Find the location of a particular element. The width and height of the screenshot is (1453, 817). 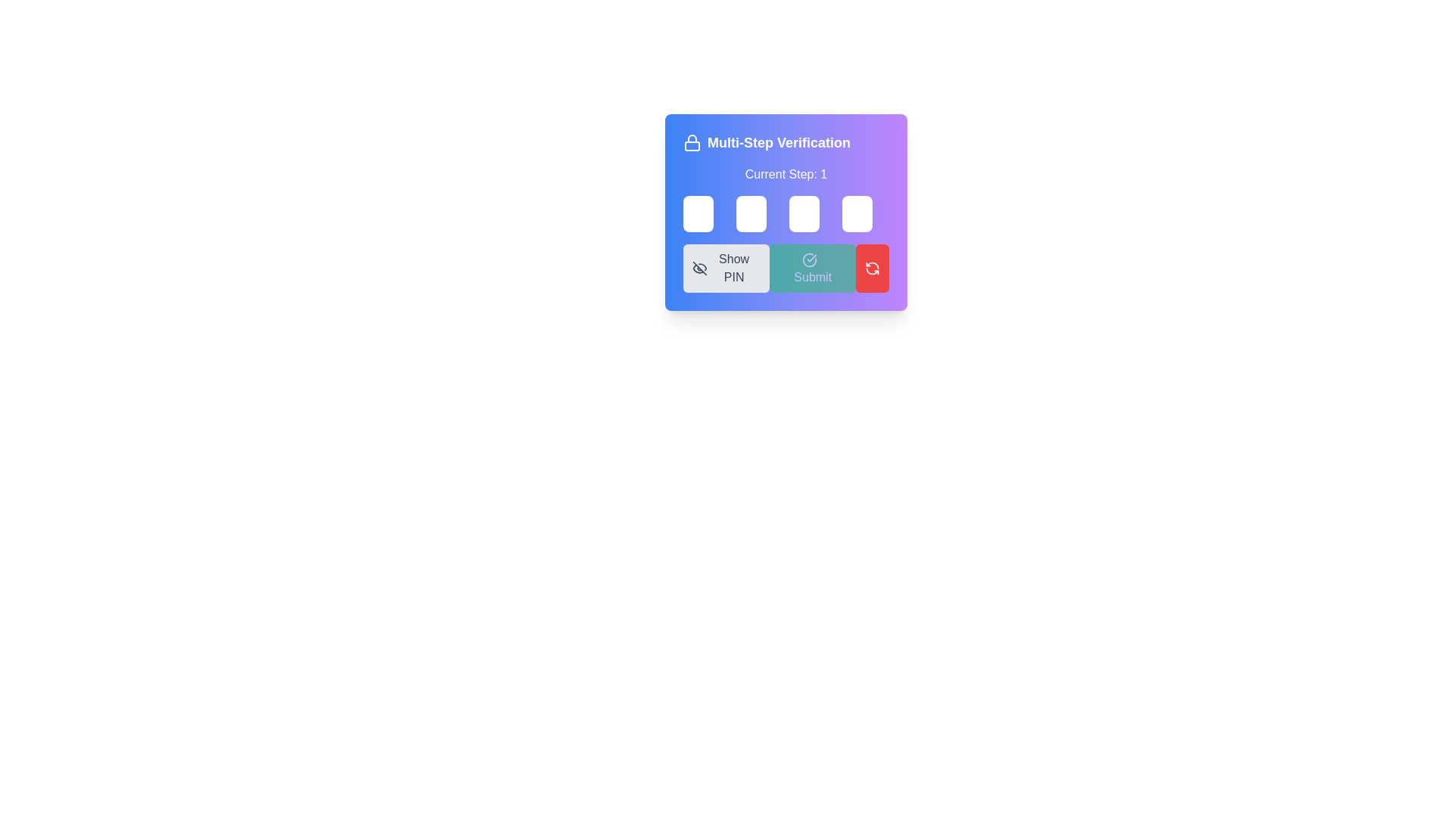

the green 'Submit' button with a checkmark icon is located at coordinates (812, 267).